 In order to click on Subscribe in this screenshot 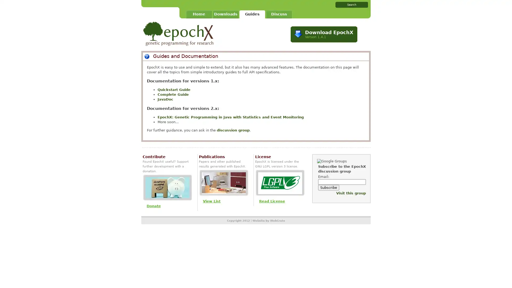, I will do `click(328, 187)`.